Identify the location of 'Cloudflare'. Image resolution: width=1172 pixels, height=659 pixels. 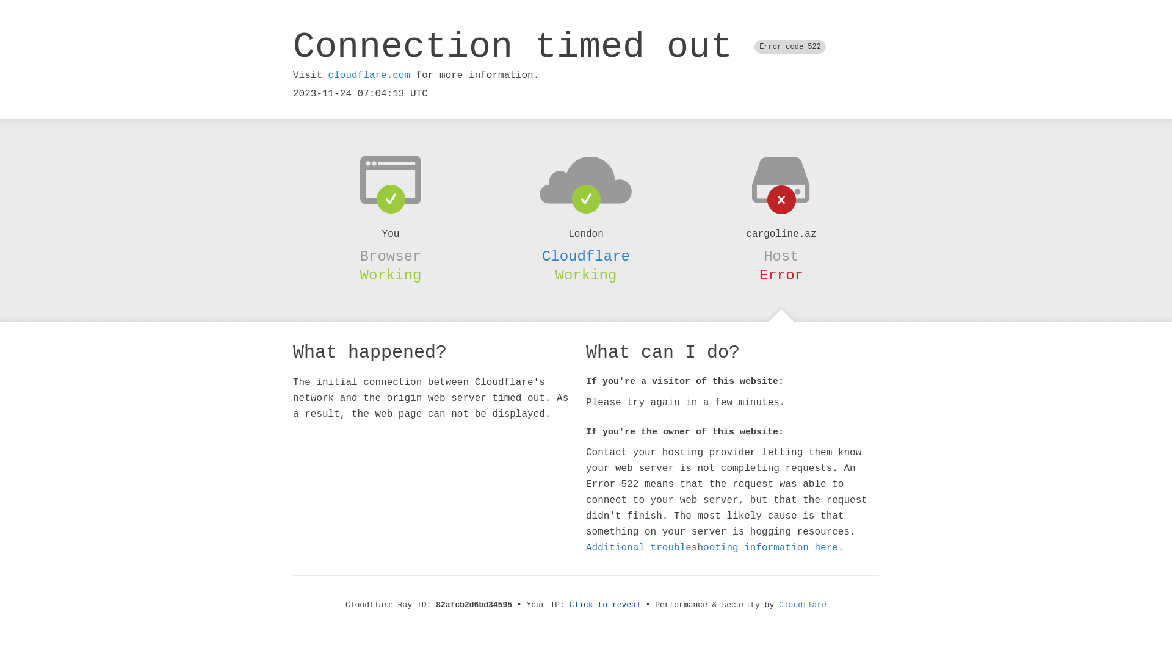
(586, 256).